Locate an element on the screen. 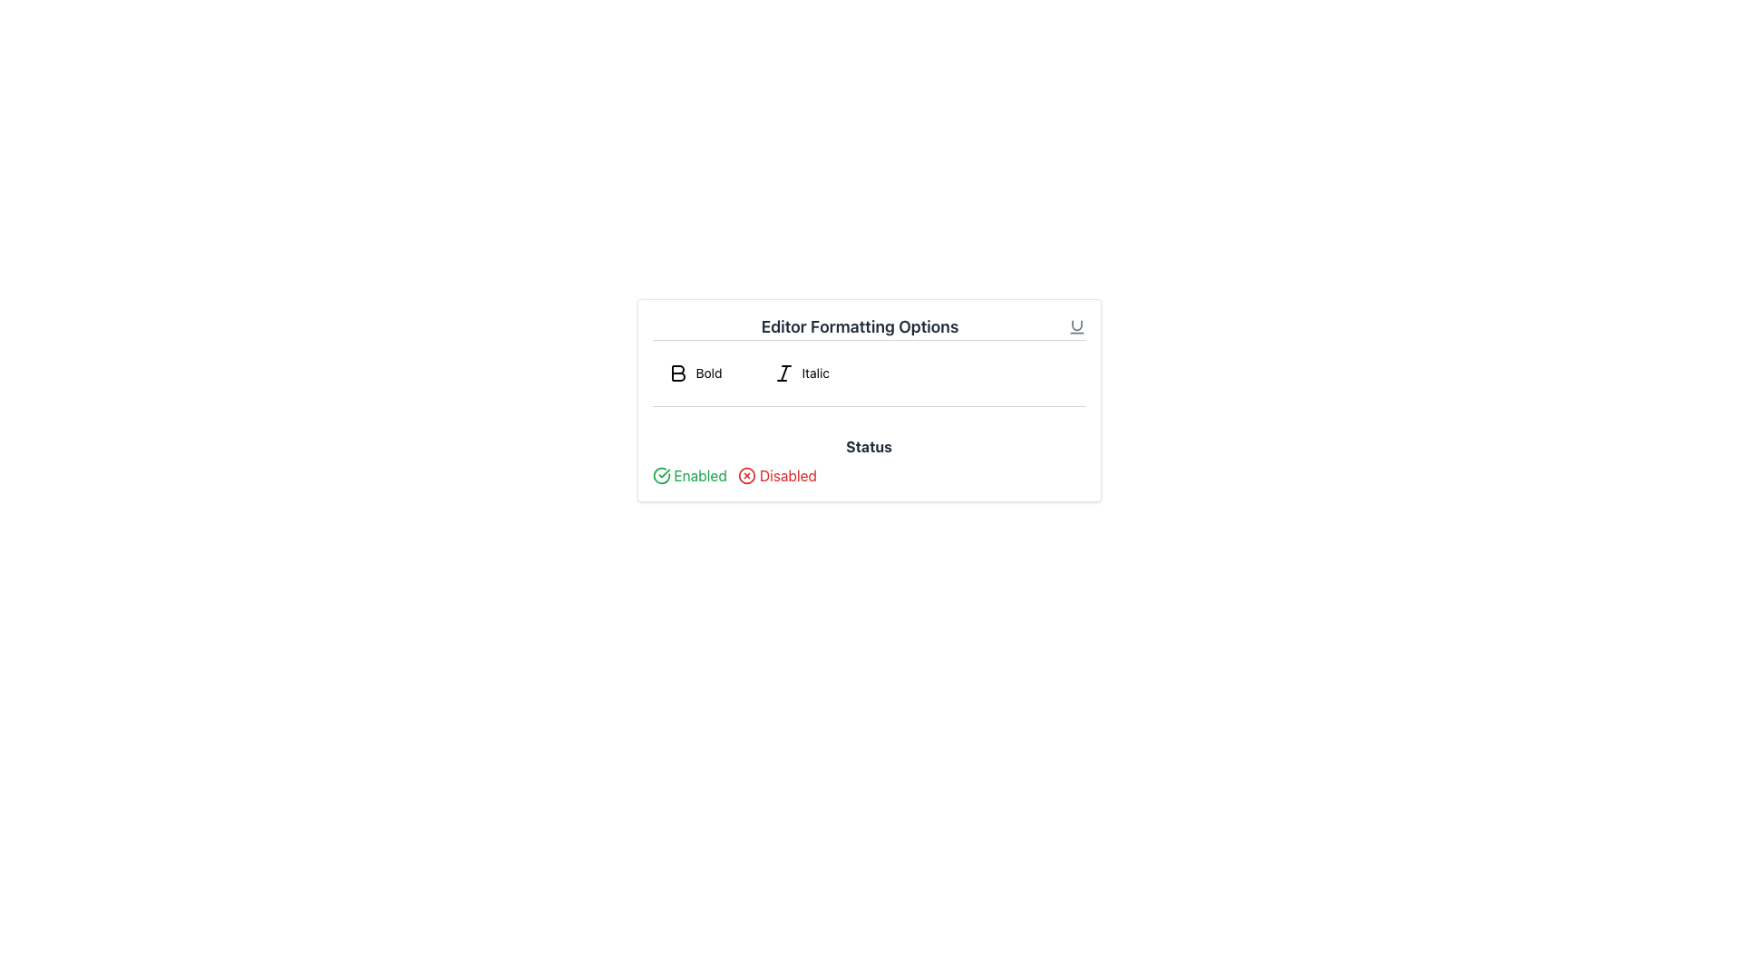 Image resolution: width=1741 pixels, height=979 pixels. the Text Label that categorizes the status options 'Enabled' and 'Disabled' in the 'Editor Formatting Options' section is located at coordinates (868, 447).